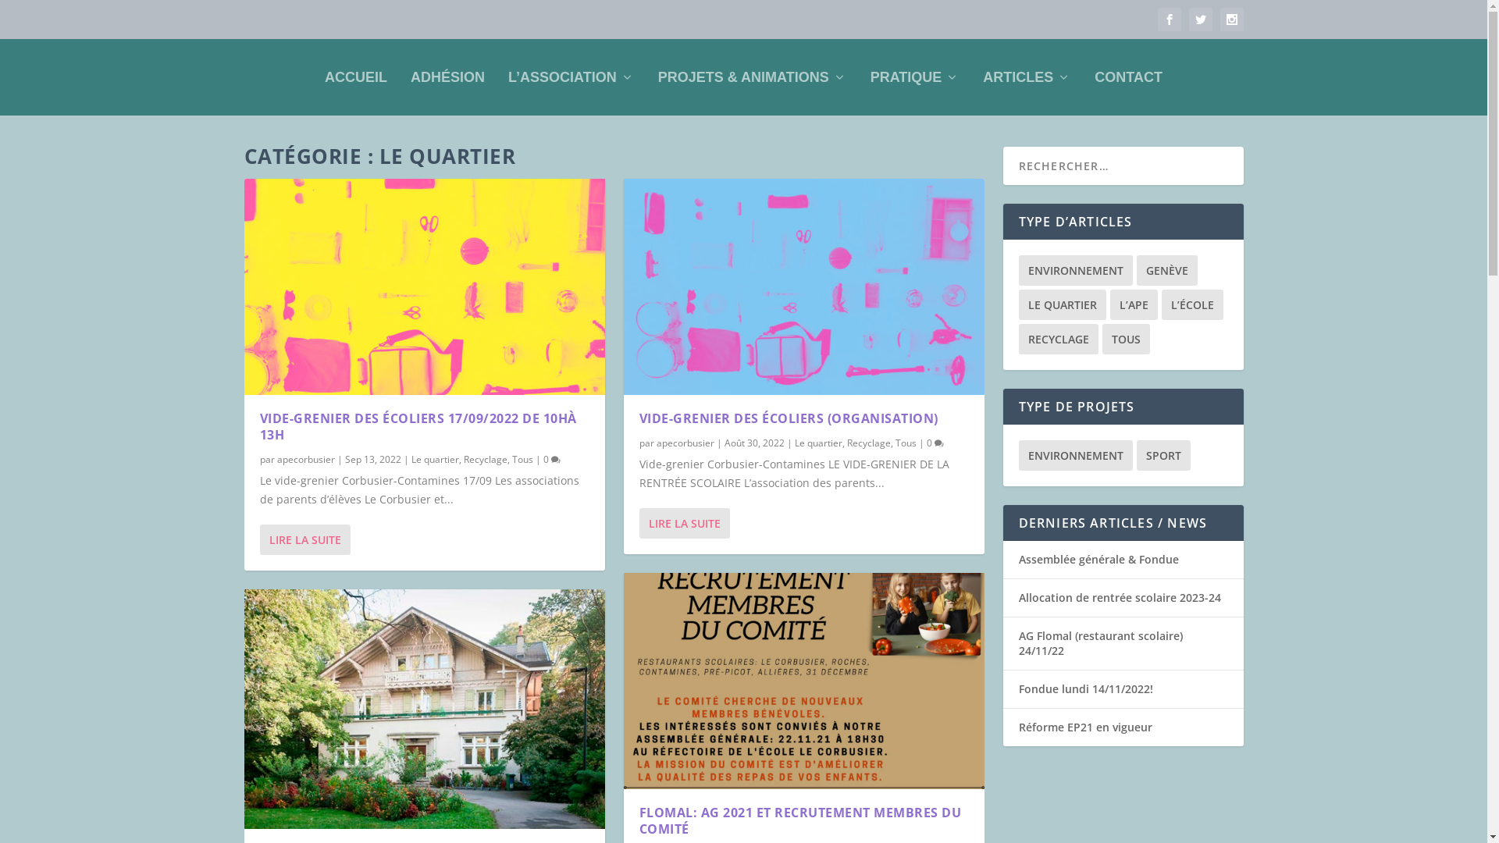 The height and width of the screenshot is (843, 1499). Describe the element at coordinates (753, 77) in the screenshot. I see `'PROJETS & ANIMATIONS'` at that location.